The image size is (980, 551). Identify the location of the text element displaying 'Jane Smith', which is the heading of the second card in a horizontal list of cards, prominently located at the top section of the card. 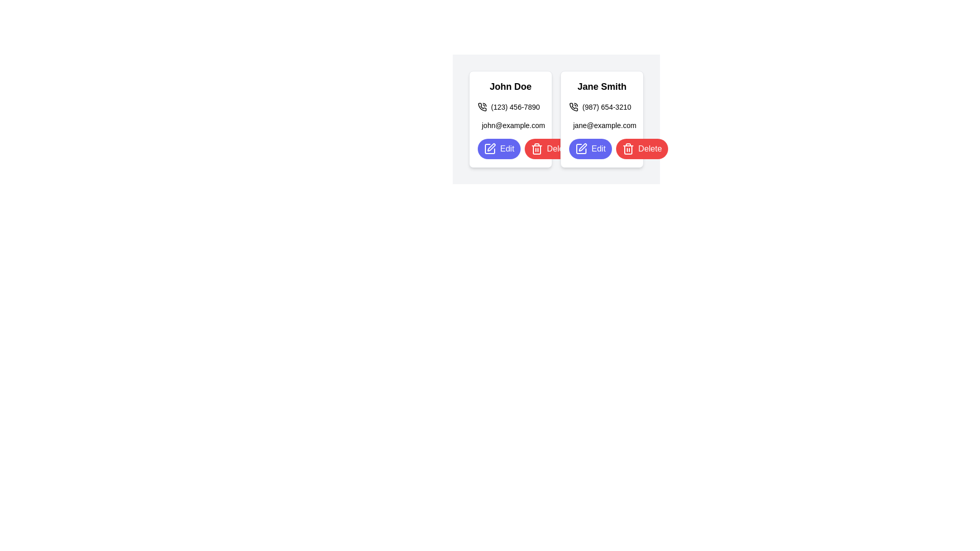
(602, 86).